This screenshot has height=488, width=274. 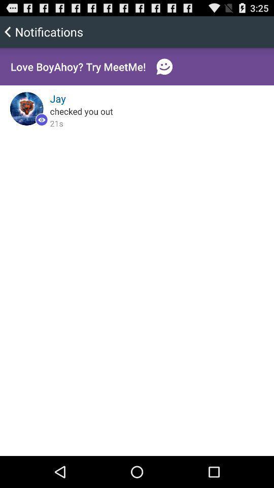 I want to click on app above the checked you out icon, so click(x=58, y=99).